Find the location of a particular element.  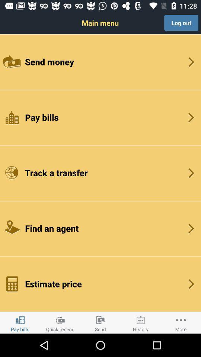

item below pay bills icon is located at coordinates (100, 173).